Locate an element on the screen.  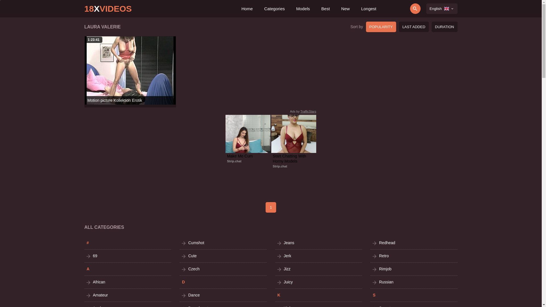
'English' is located at coordinates (442, 9).